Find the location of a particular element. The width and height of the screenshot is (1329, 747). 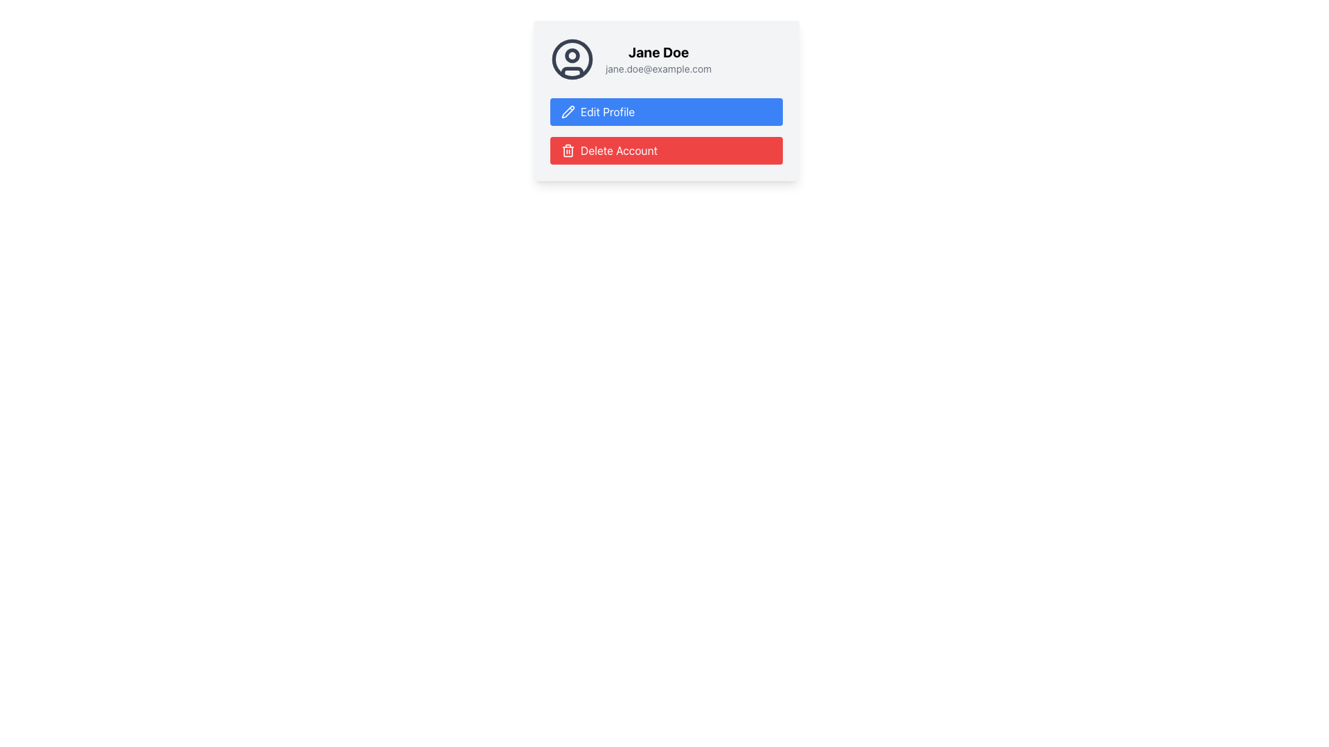

the pencil-shaped icon that represents the editing action within the 'Edit Profile' button to check for any tooltip is located at coordinates (568, 111).